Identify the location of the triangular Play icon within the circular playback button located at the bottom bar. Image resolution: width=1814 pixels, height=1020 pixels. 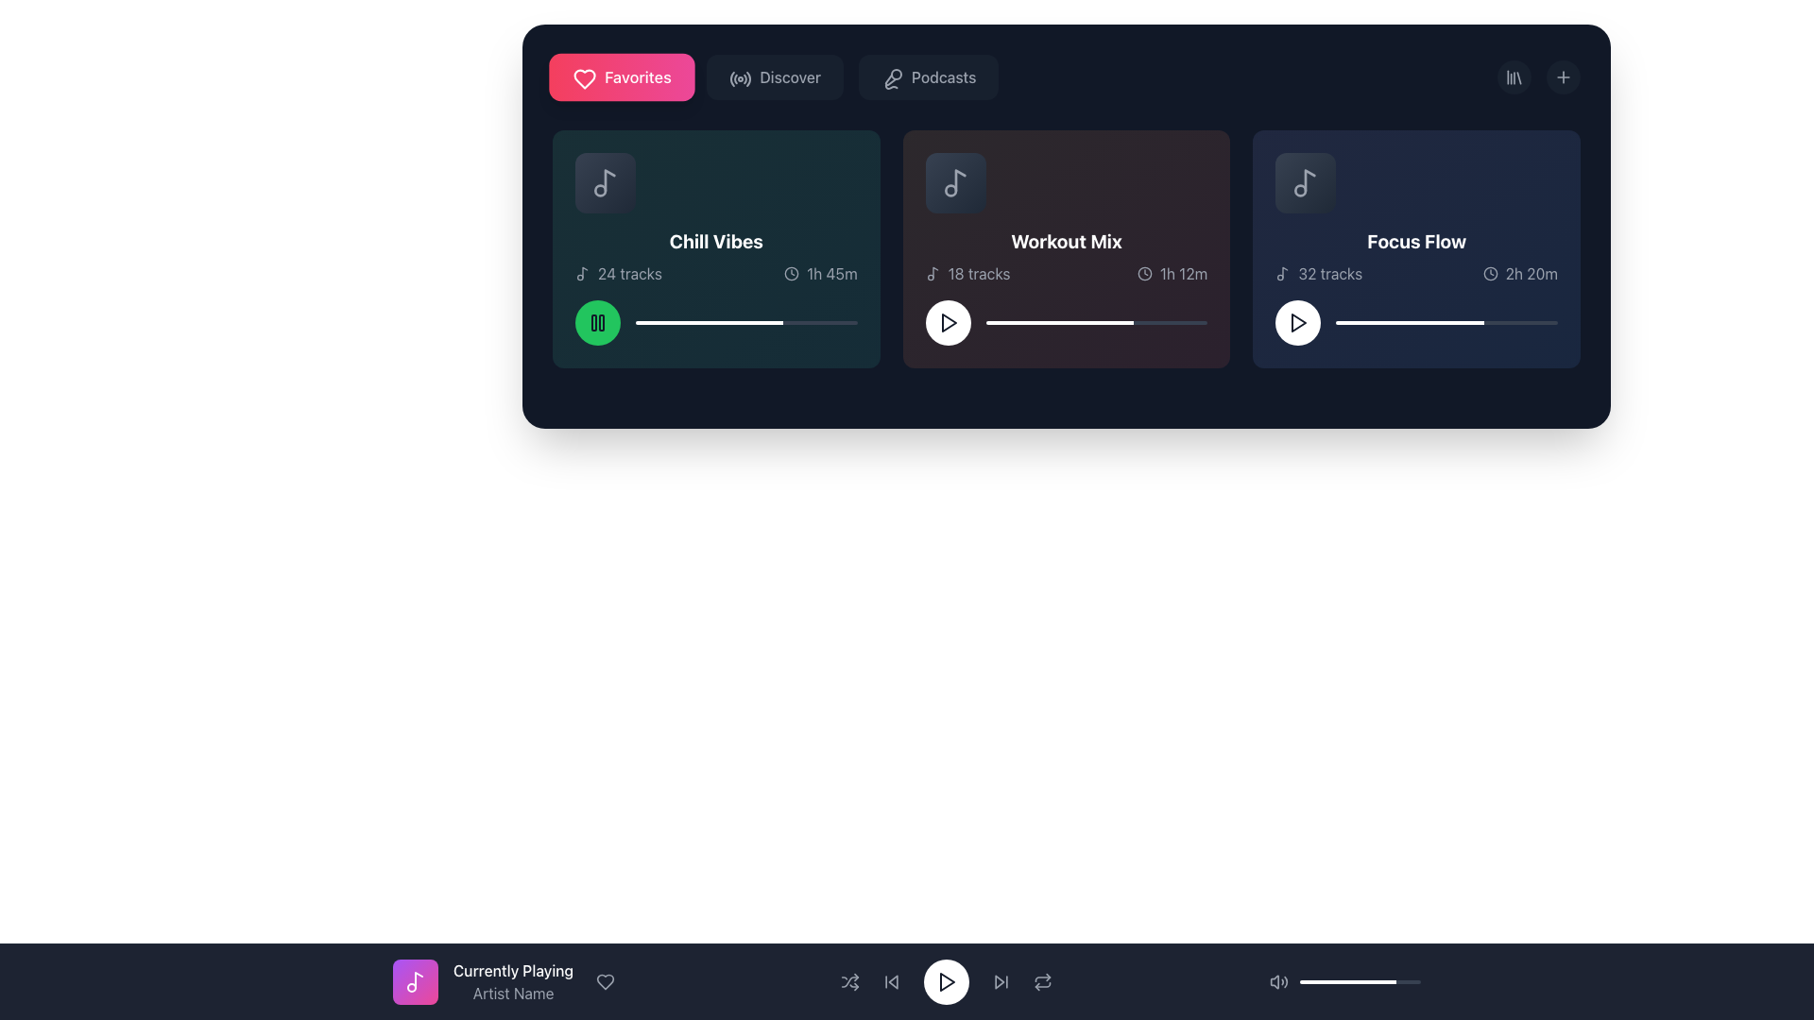
(947, 981).